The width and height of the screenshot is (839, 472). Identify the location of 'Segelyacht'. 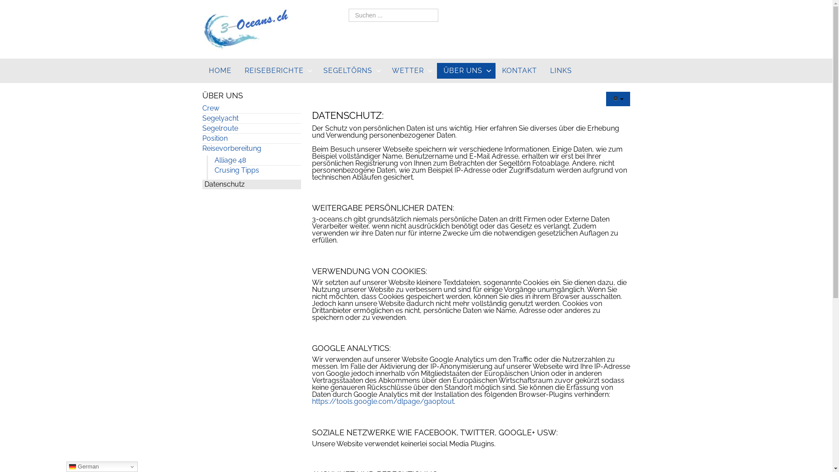
(251, 118).